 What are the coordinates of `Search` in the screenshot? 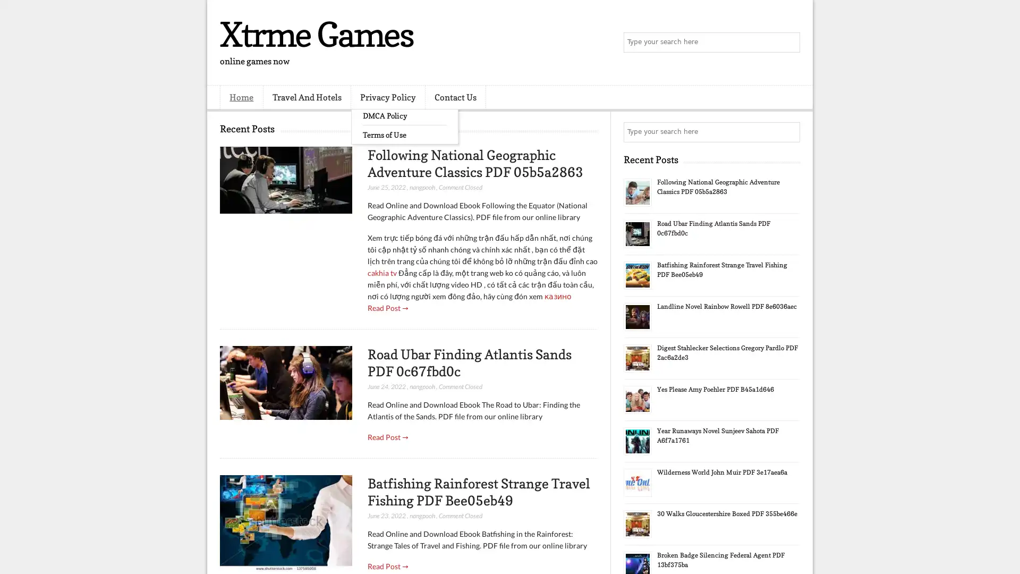 It's located at (789, 132).